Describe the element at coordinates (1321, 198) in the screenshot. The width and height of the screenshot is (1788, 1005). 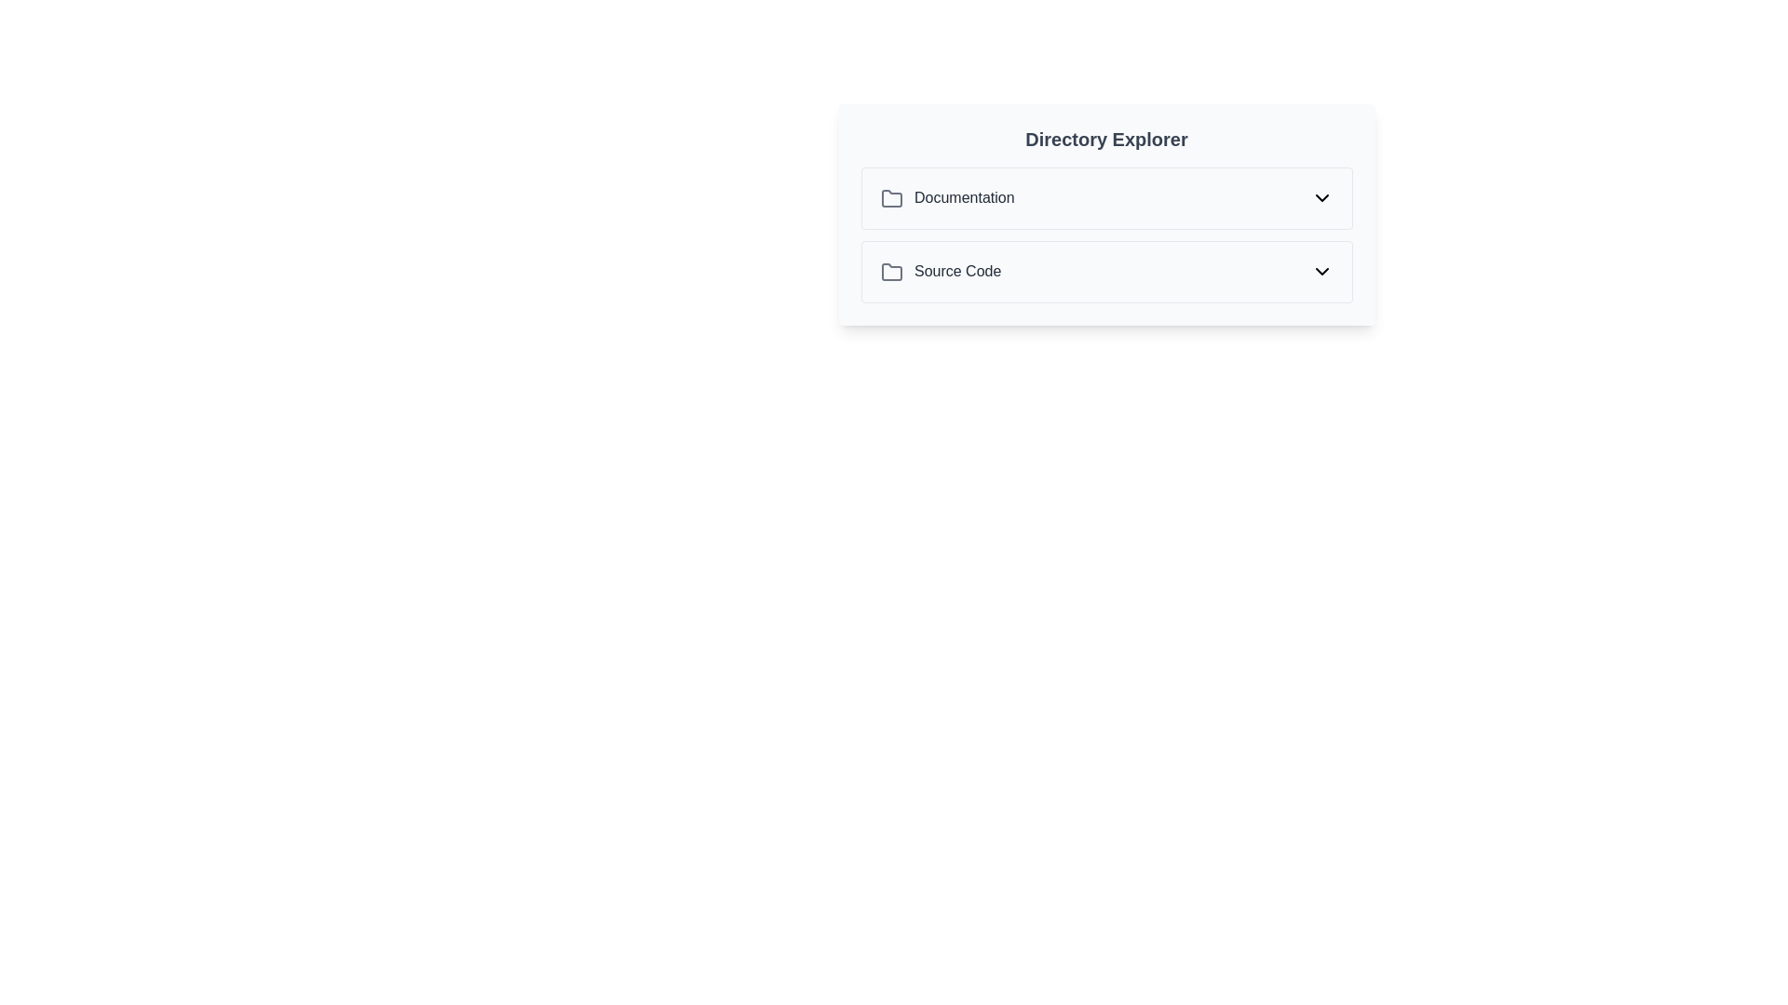
I see `the downward-pointing chevron icon next to the 'Documentation' menu entry` at that location.